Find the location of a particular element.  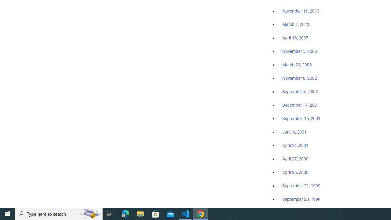

'November 5, 2005' is located at coordinates (300, 51).